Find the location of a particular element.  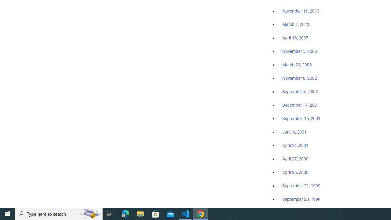

'November 5, 2005' is located at coordinates (300, 51).